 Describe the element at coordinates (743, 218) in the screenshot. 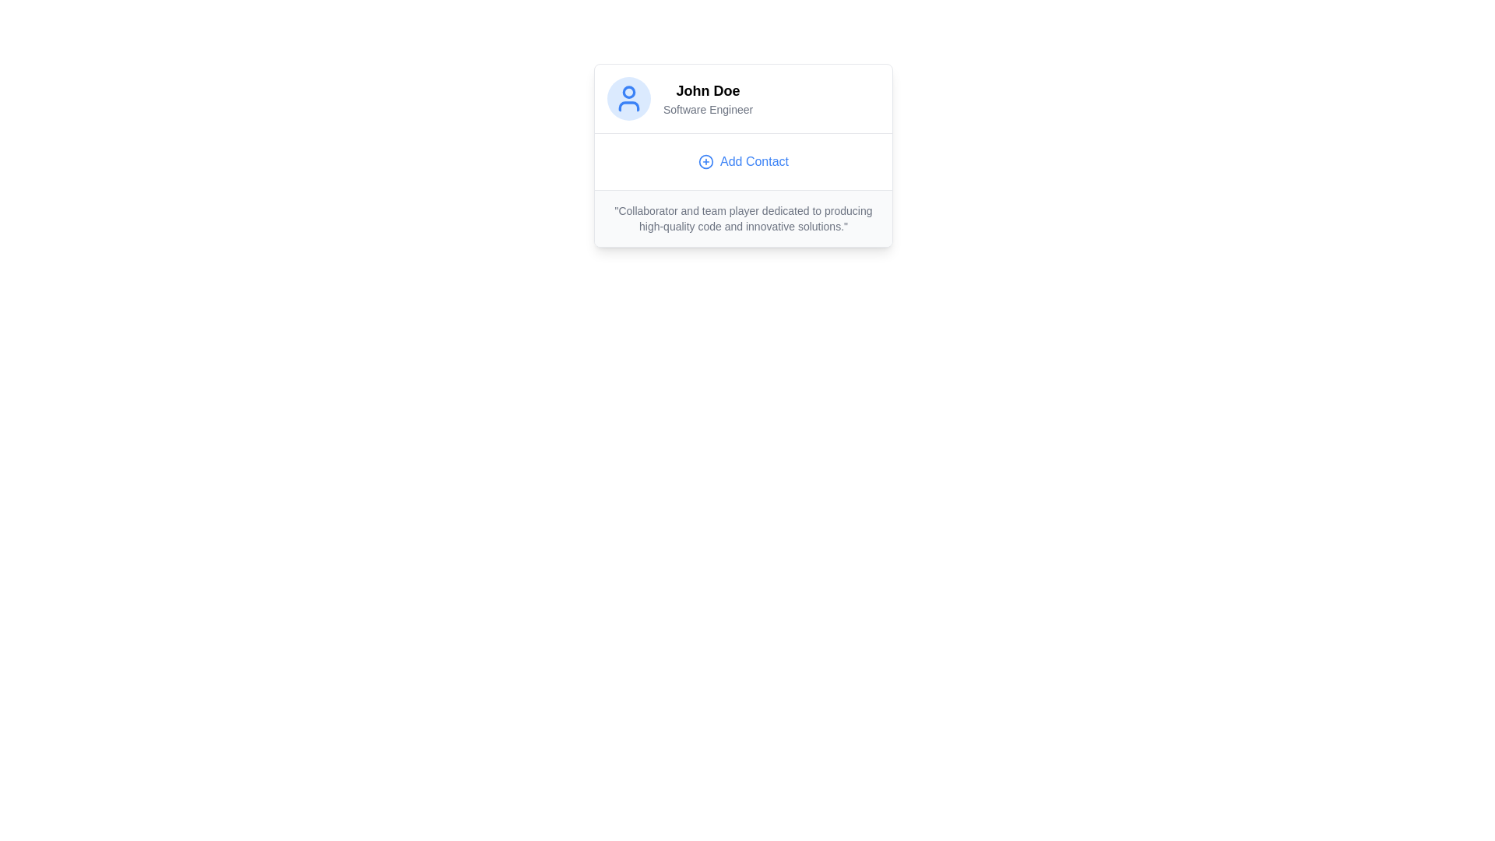

I see `the static text content block that provides a brief professional summary of John Doe, located beneath the 'Add Contact' button` at that location.